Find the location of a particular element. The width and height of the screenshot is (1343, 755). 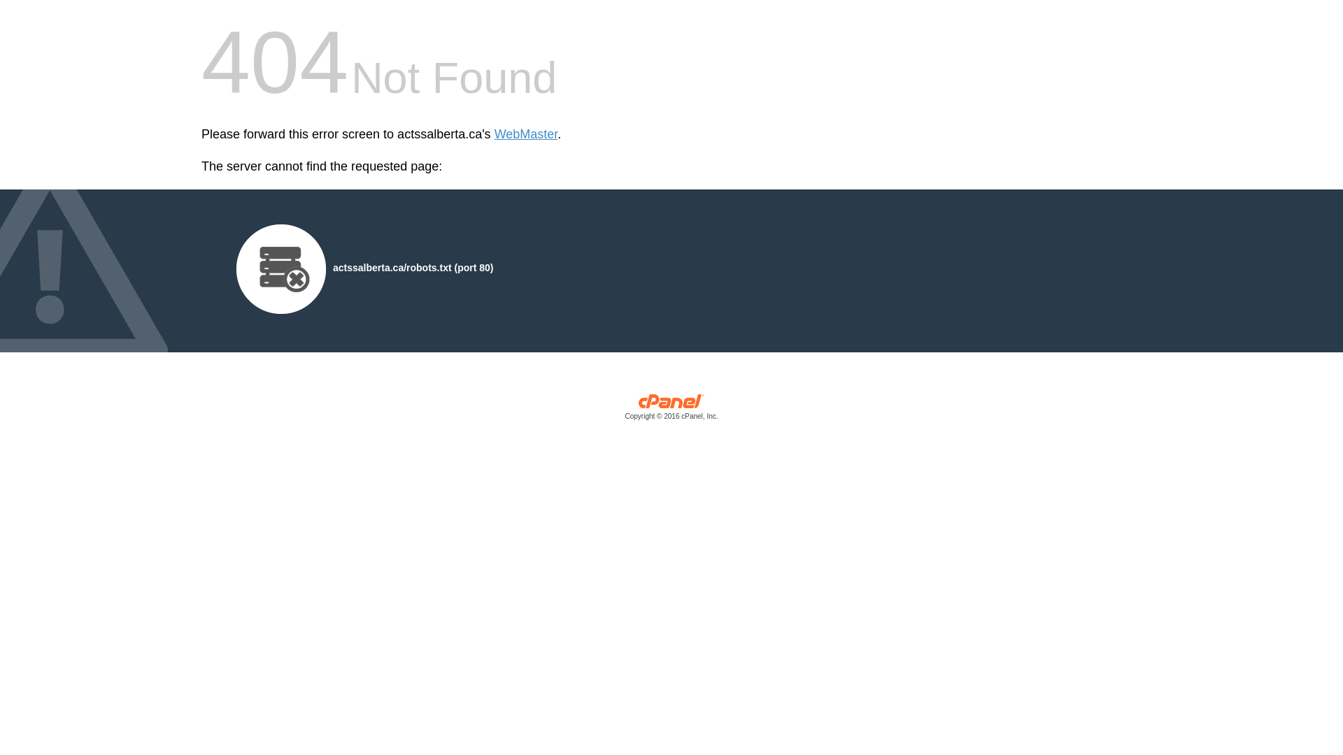

'WebMaster' is located at coordinates (525, 134).